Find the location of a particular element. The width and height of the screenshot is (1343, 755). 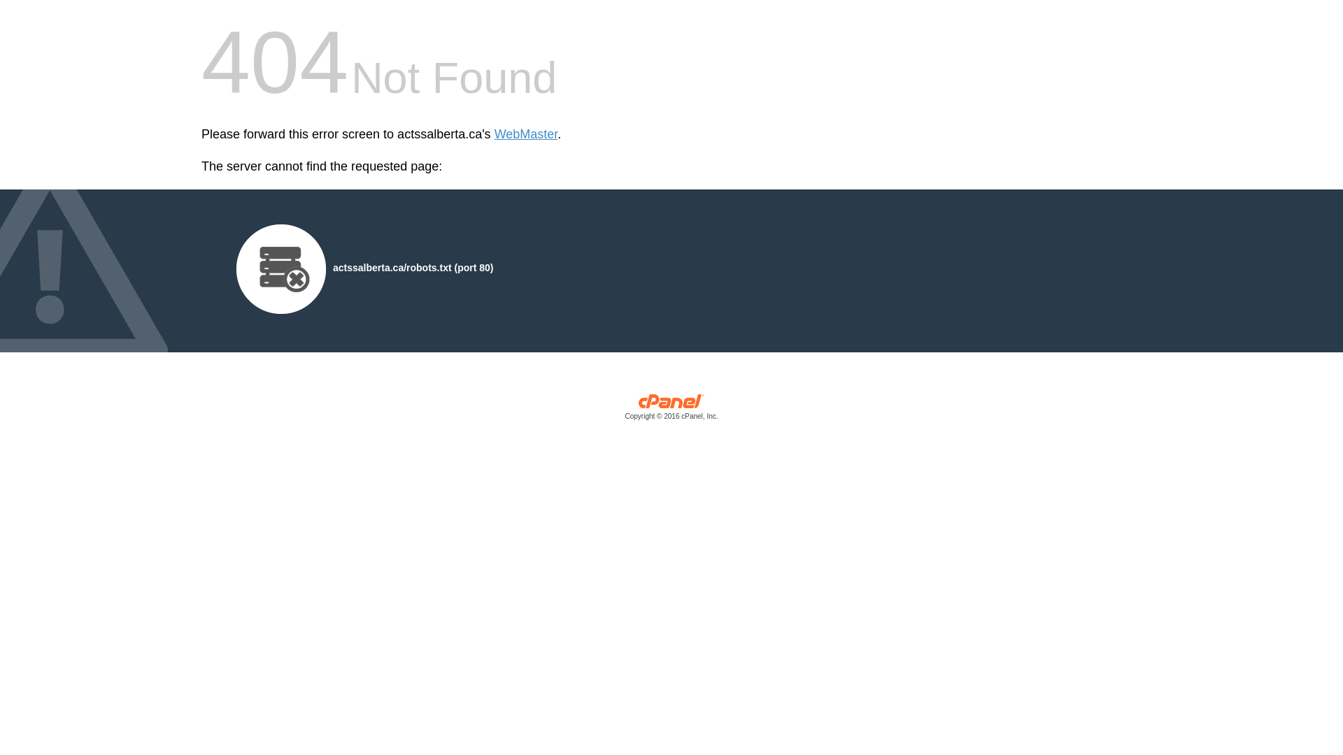

'WebMaster' is located at coordinates (525, 134).